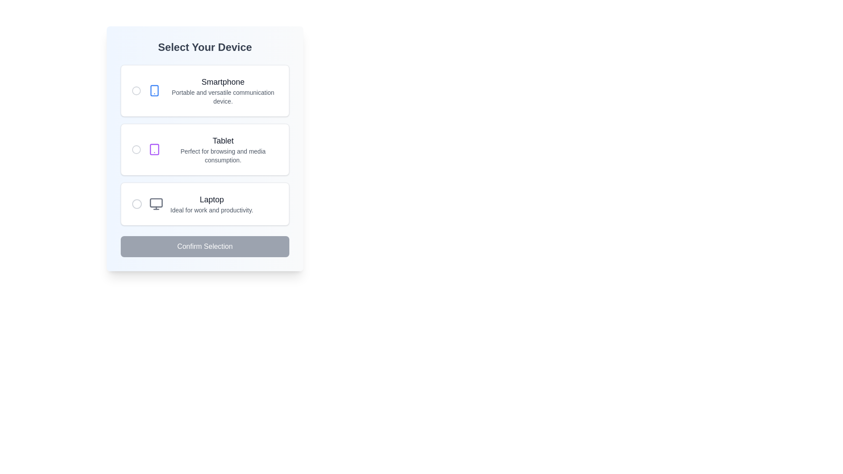 This screenshot has height=474, width=843. Describe the element at coordinates (204, 145) in the screenshot. I see `the 'Tablet' option card, which is styled with a white background and a purple icon, positioned as the second item in the list under 'Select Your Device'` at that location.